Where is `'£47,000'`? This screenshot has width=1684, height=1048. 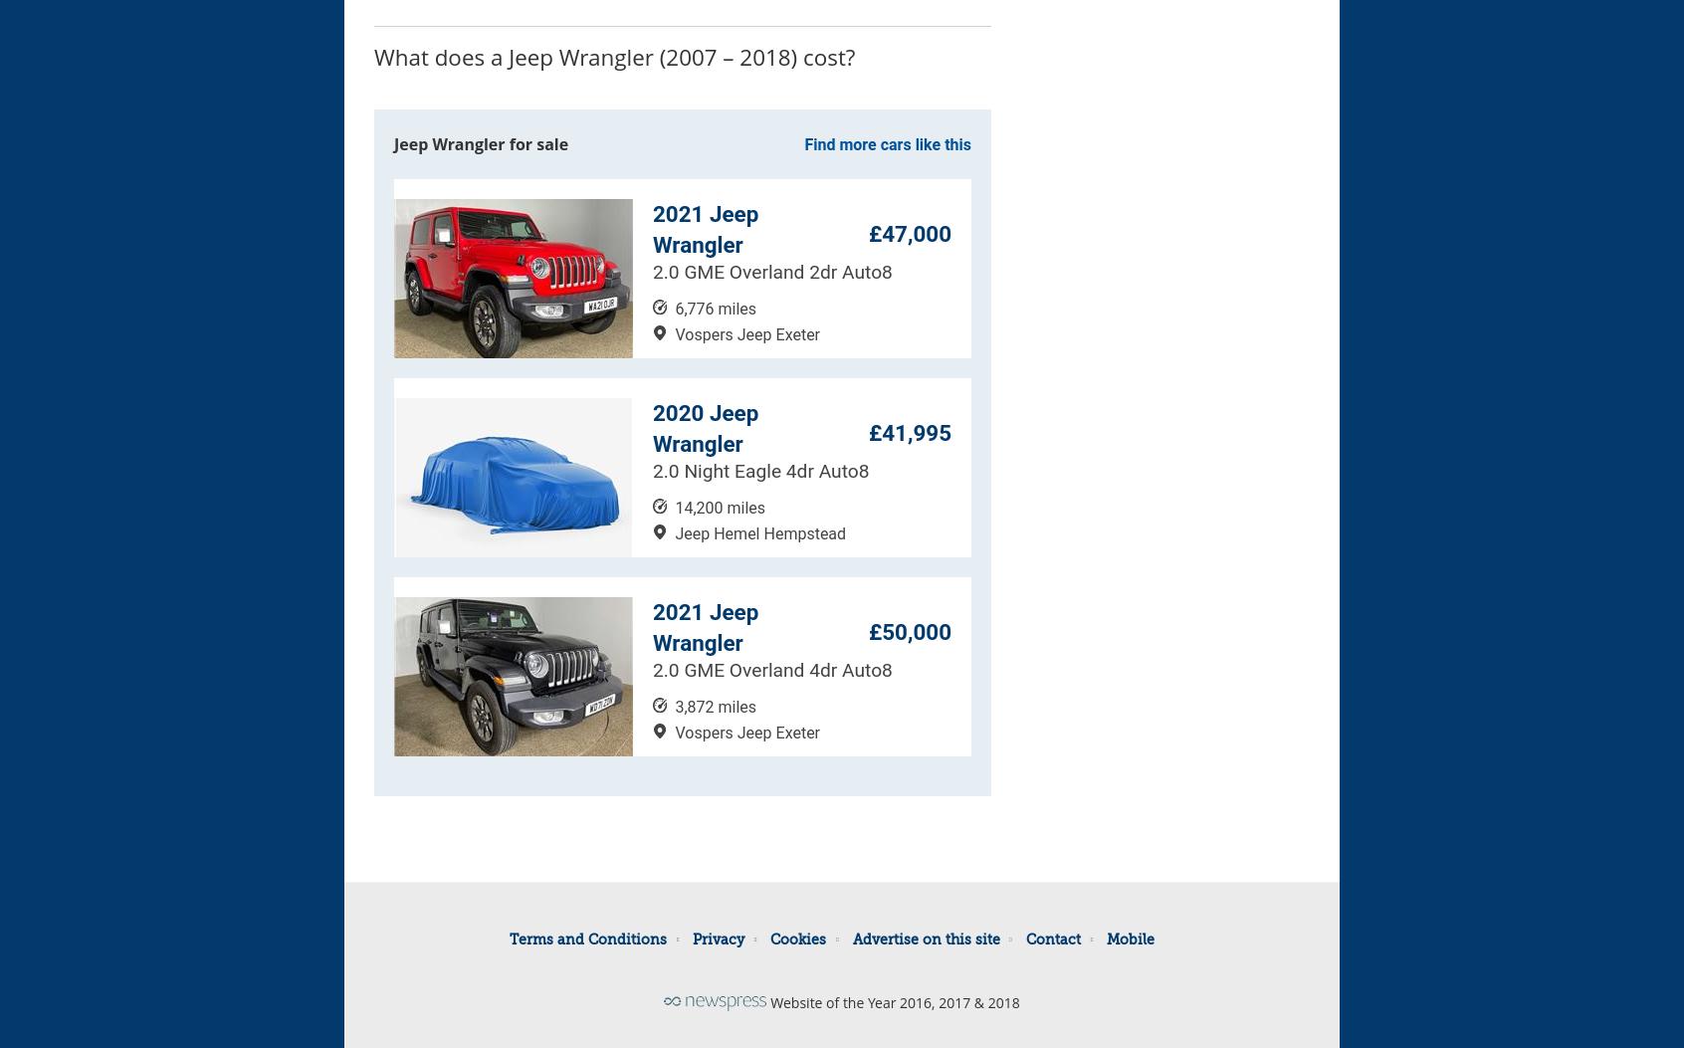
'£47,000' is located at coordinates (908, 234).